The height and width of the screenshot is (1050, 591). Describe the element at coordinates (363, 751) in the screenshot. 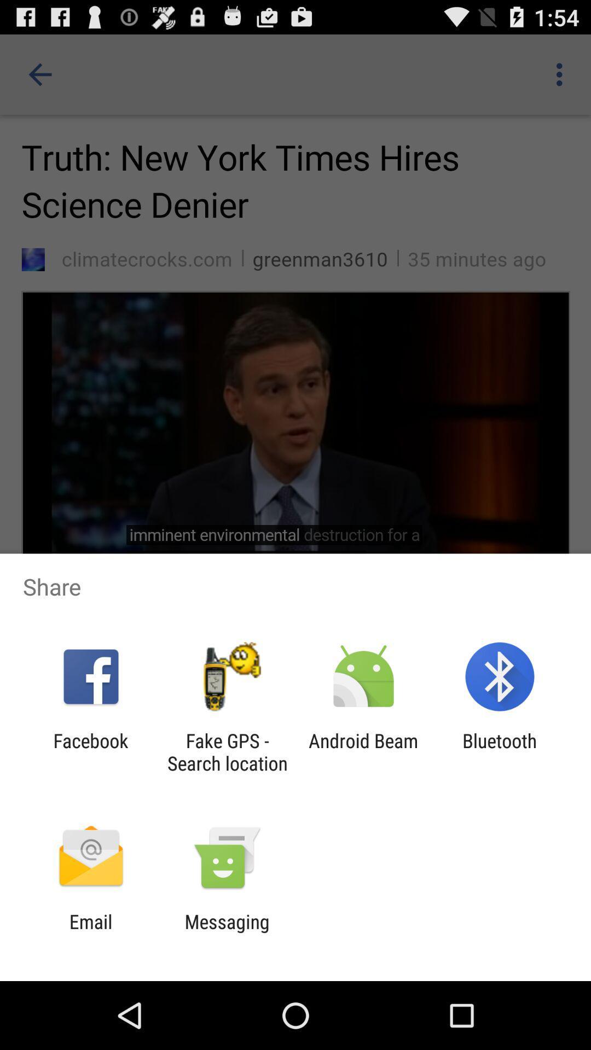

I see `the icon to the left of bluetooth` at that location.